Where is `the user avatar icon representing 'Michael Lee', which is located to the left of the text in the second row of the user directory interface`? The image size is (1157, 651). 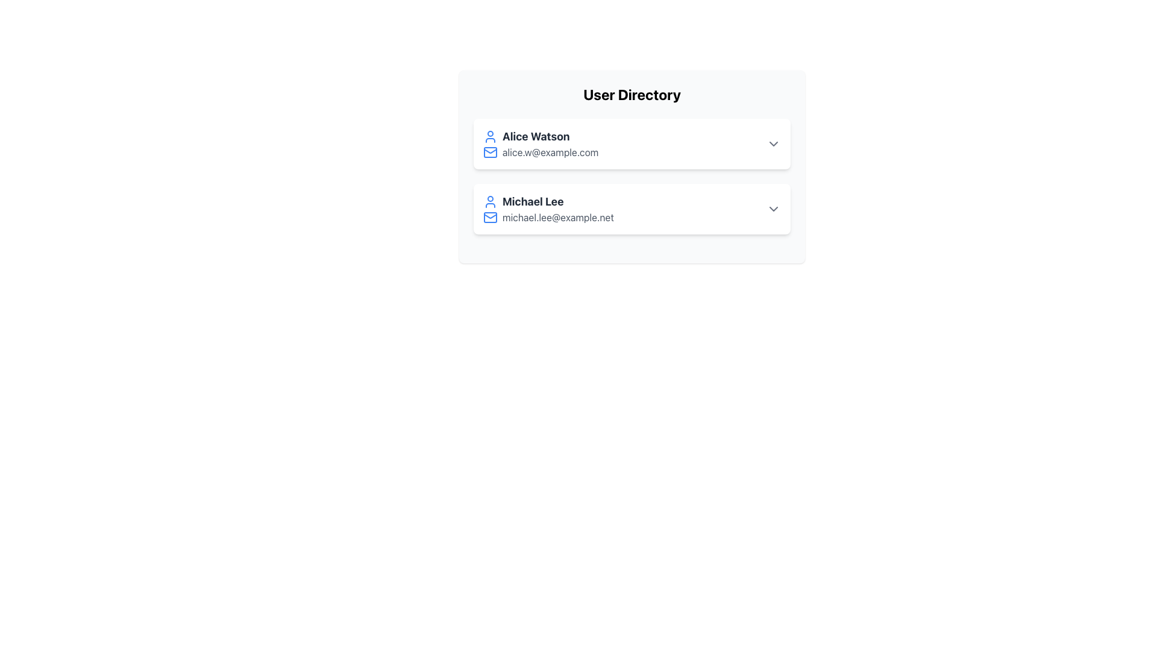
the user avatar icon representing 'Michael Lee', which is located to the left of the text in the second row of the user directory interface is located at coordinates (491, 201).